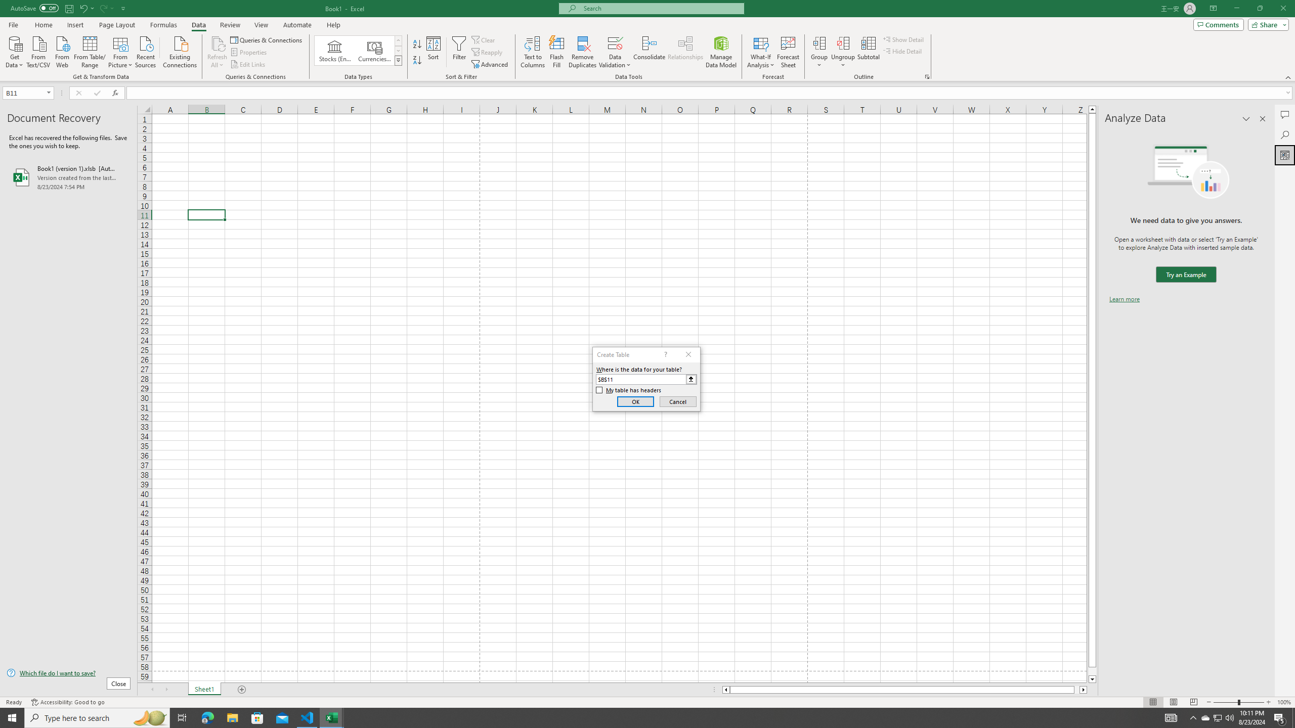  Describe the element at coordinates (488, 52) in the screenshot. I see `'Reapply'` at that location.